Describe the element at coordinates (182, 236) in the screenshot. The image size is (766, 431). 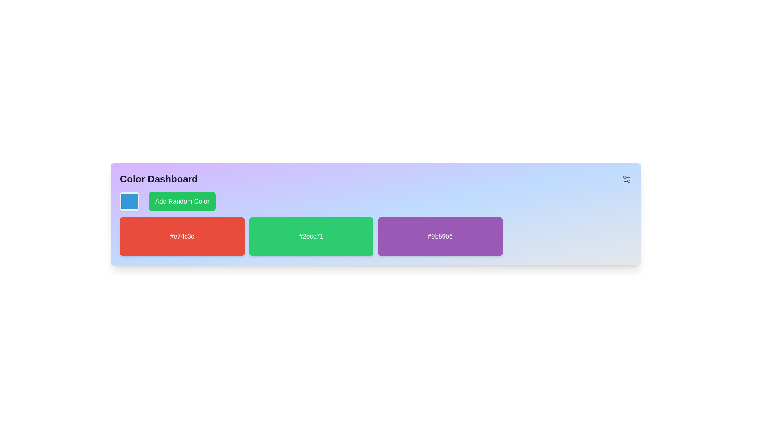
I see `the first text label displaying the color value, which is non-interactive and located on the far left of a horizontal grid of three similar buttons` at that location.